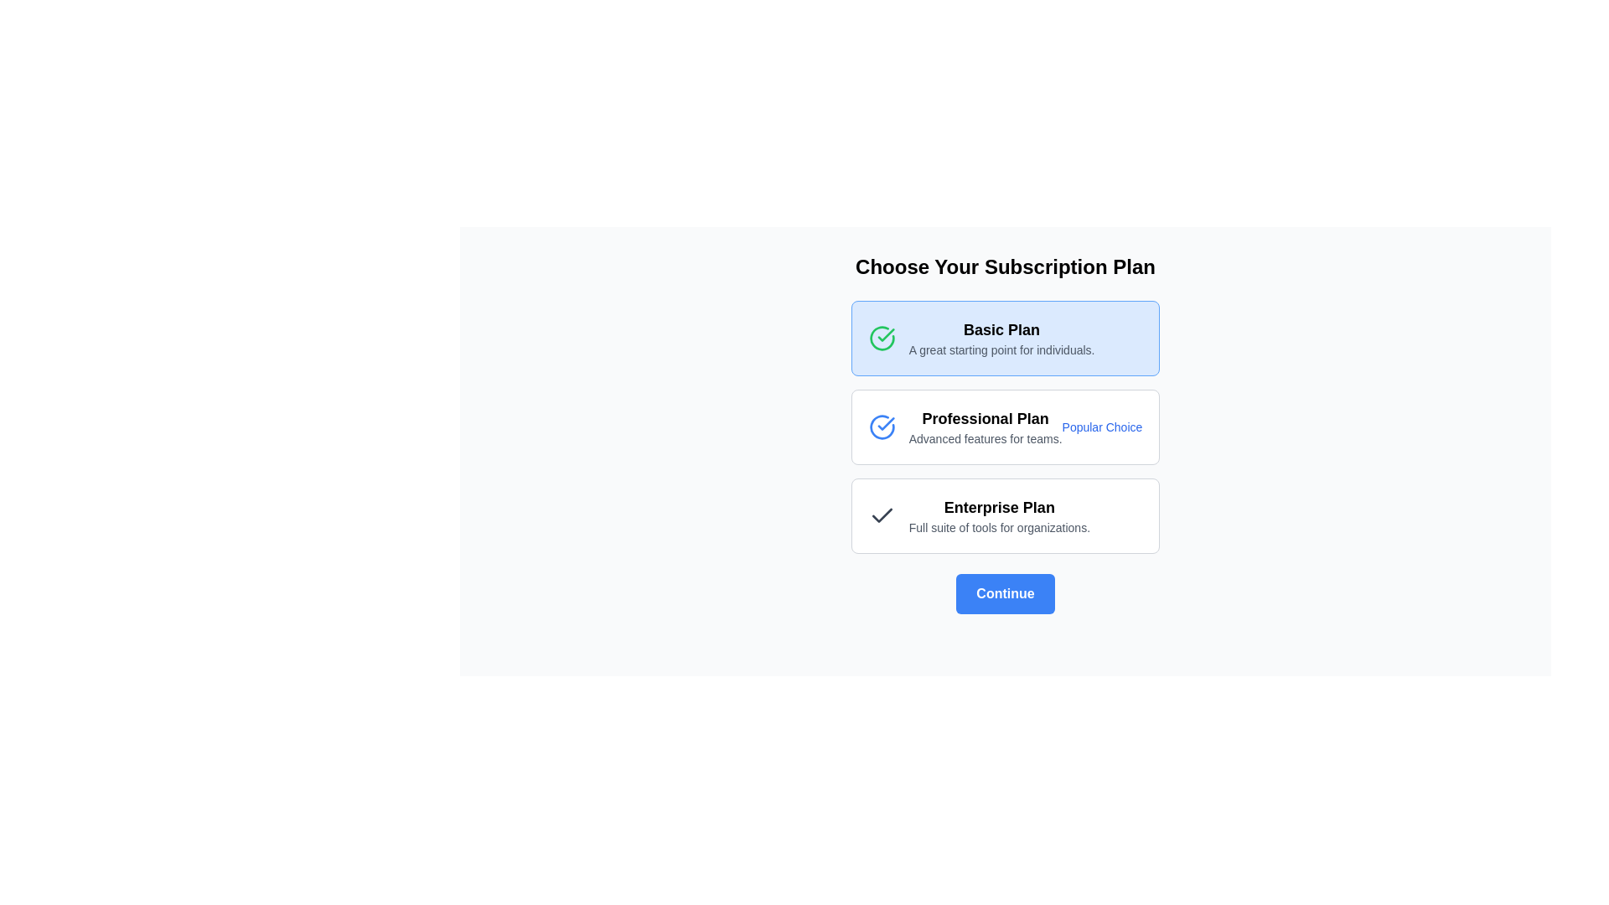 This screenshot has height=905, width=1609. Describe the element at coordinates (999, 526) in the screenshot. I see `the Text Label that provides additional descriptive information about the 'Enterprise Plan', located immediately beneath the heading 'Enterprise Plan'` at that location.